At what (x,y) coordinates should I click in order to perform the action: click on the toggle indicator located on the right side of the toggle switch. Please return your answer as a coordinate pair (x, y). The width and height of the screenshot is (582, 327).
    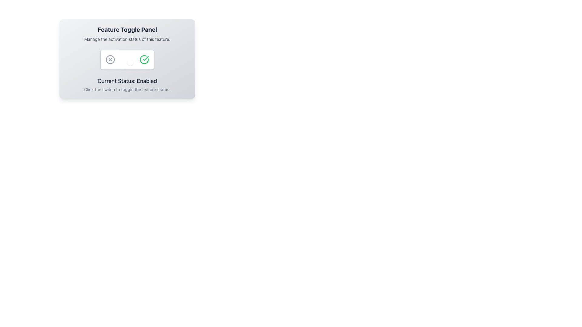
    Looking at the image, I should click on (130, 63).